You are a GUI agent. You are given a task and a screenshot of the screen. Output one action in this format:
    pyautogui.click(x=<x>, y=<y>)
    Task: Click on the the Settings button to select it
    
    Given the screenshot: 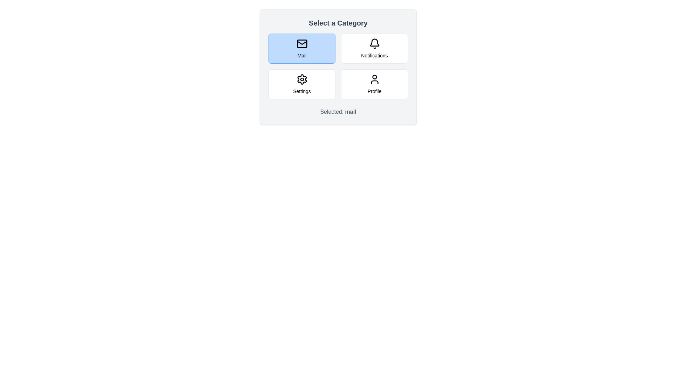 What is the action you would take?
    pyautogui.click(x=302, y=84)
    